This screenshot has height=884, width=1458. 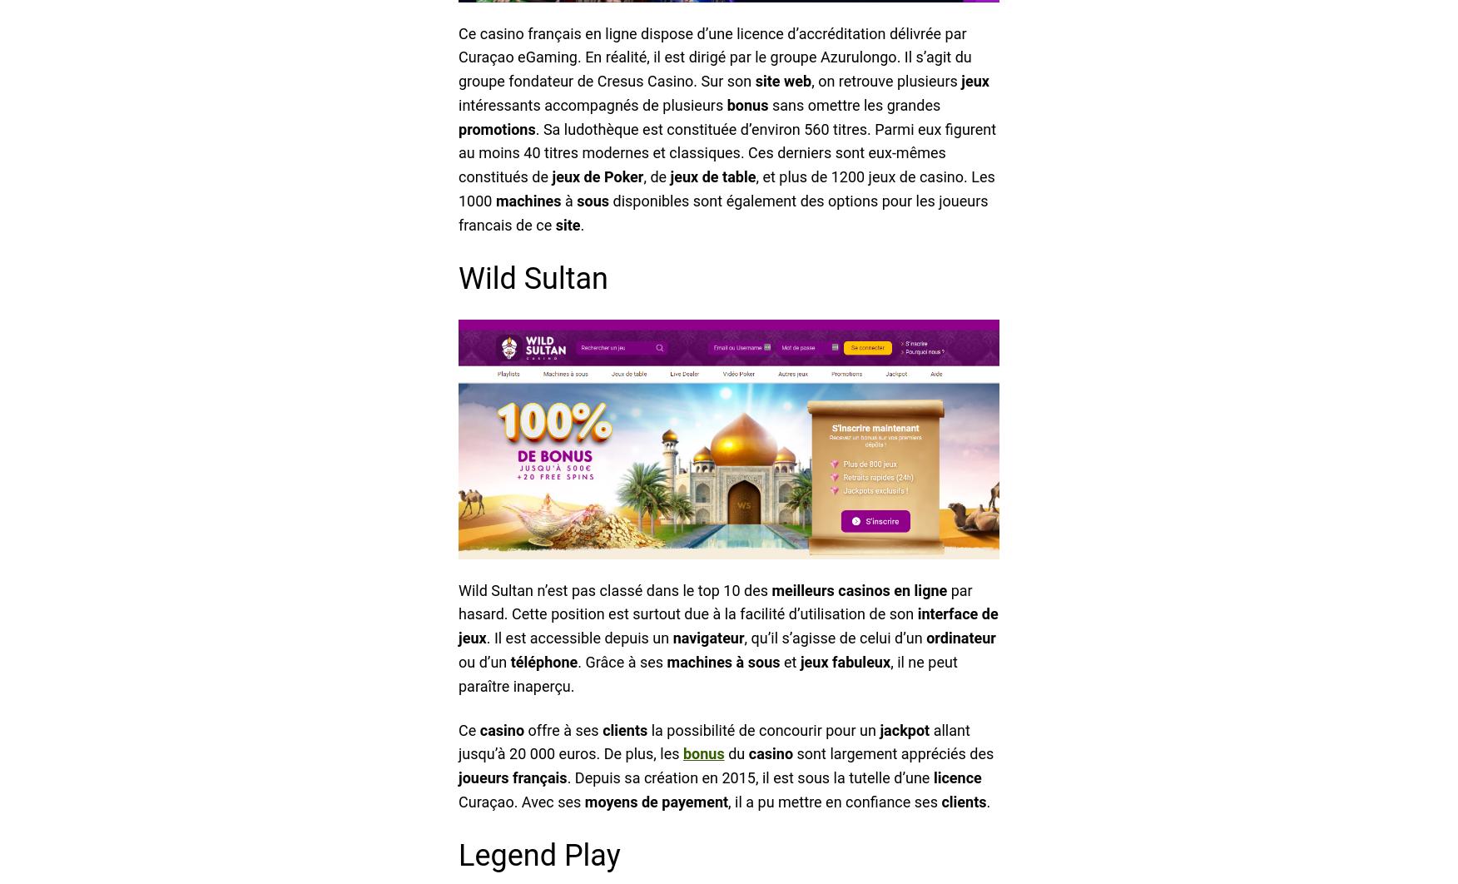 What do you see at coordinates (801, 589) in the screenshot?
I see `'meilleurs'` at bounding box center [801, 589].